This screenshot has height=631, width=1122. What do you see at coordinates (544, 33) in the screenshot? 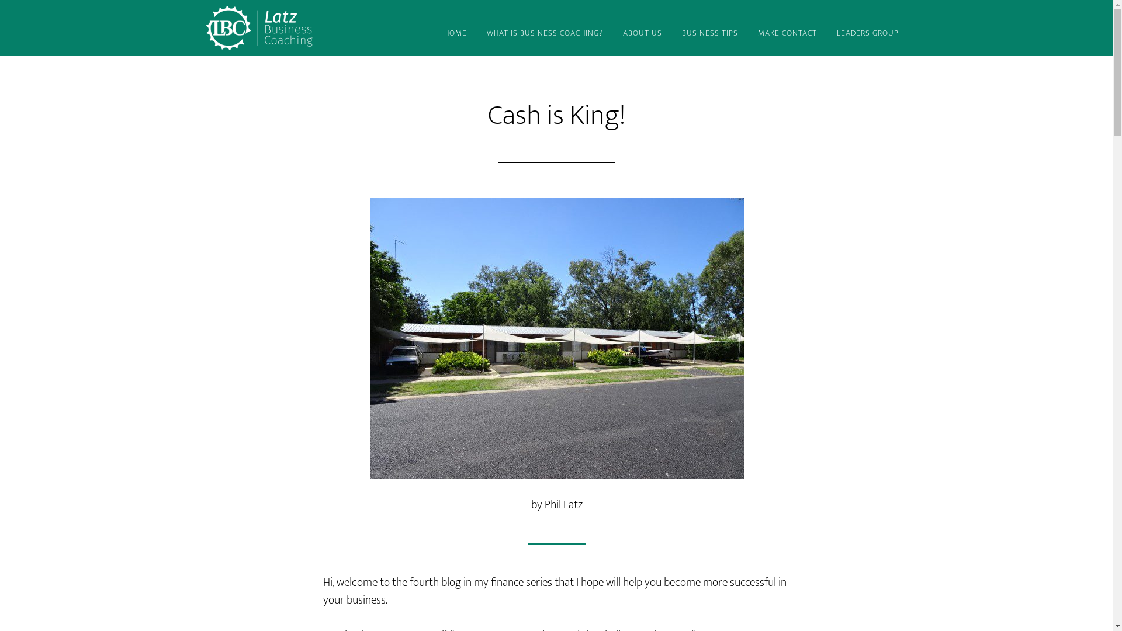
I see `'WHAT IS BUSINESS COACHING?'` at bounding box center [544, 33].